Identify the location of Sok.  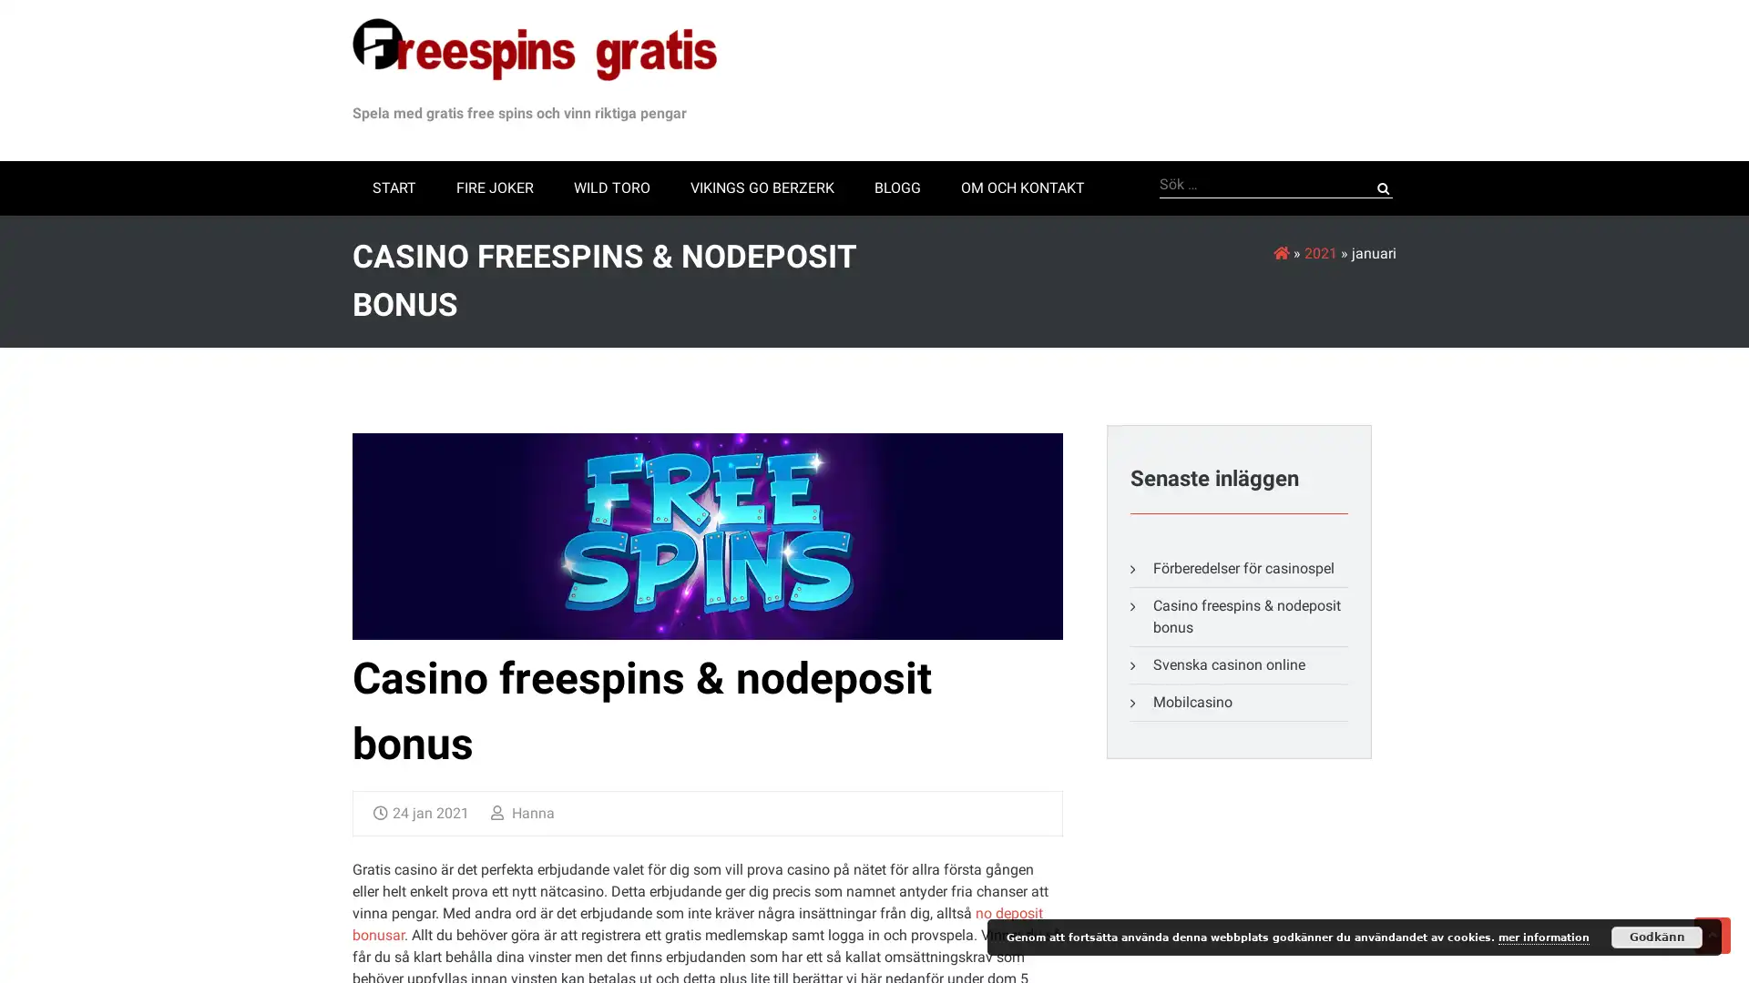
(1376, 189).